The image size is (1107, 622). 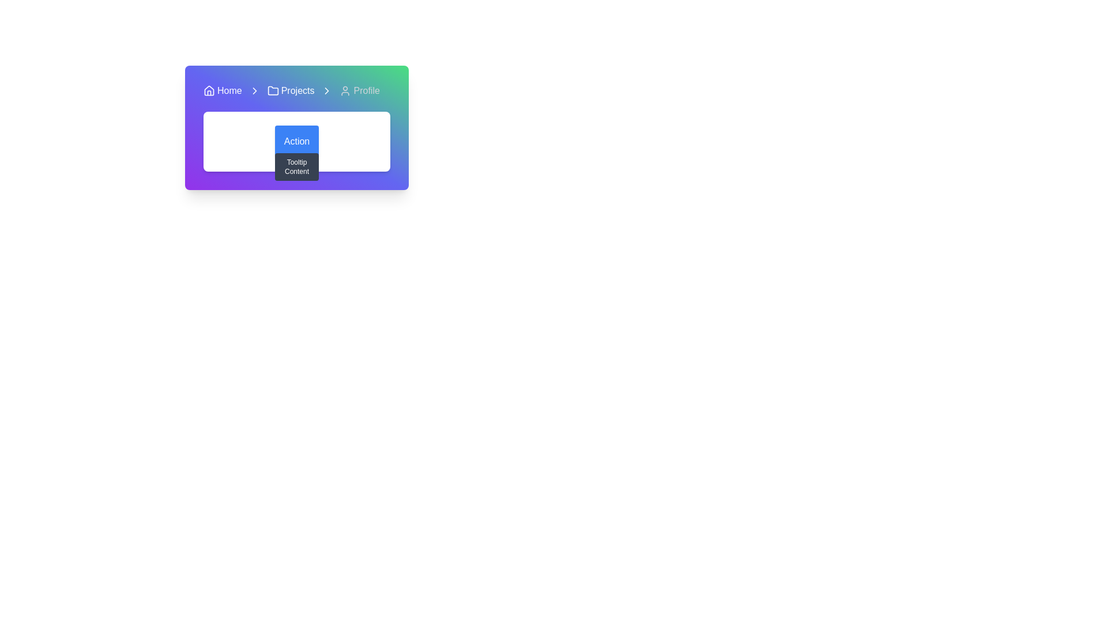 I want to click on the 'Projects' breadcrumb navigation link, which is the second item in the breadcrumb navigation bar, so click(x=291, y=90).